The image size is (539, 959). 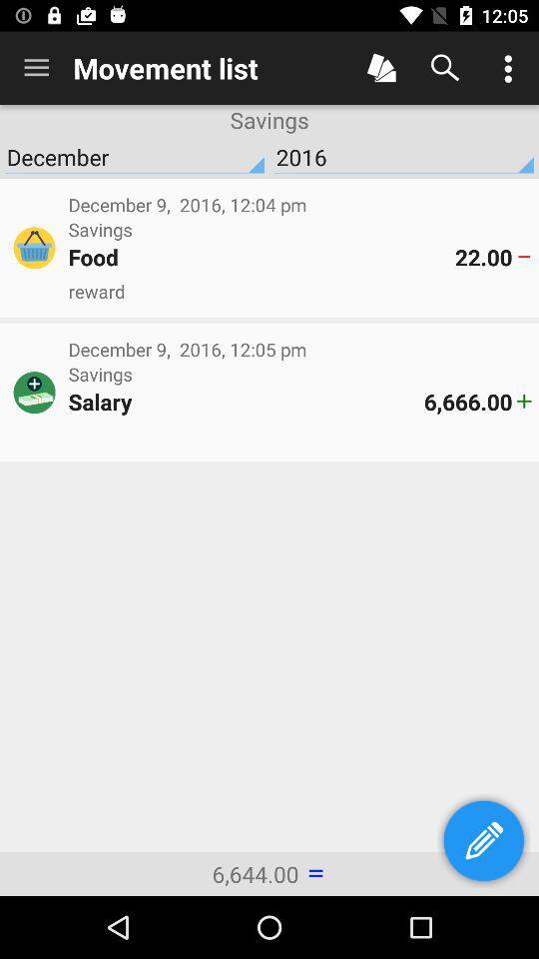 What do you see at coordinates (381, 68) in the screenshot?
I see `random selection` at bounding box center [381, 68].